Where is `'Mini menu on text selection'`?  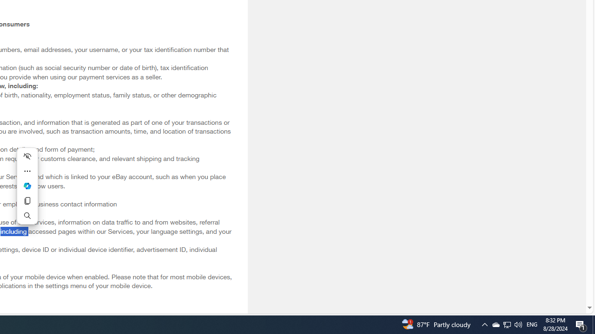 'Mini menu on text selection' is located at coordinates (27, 186).